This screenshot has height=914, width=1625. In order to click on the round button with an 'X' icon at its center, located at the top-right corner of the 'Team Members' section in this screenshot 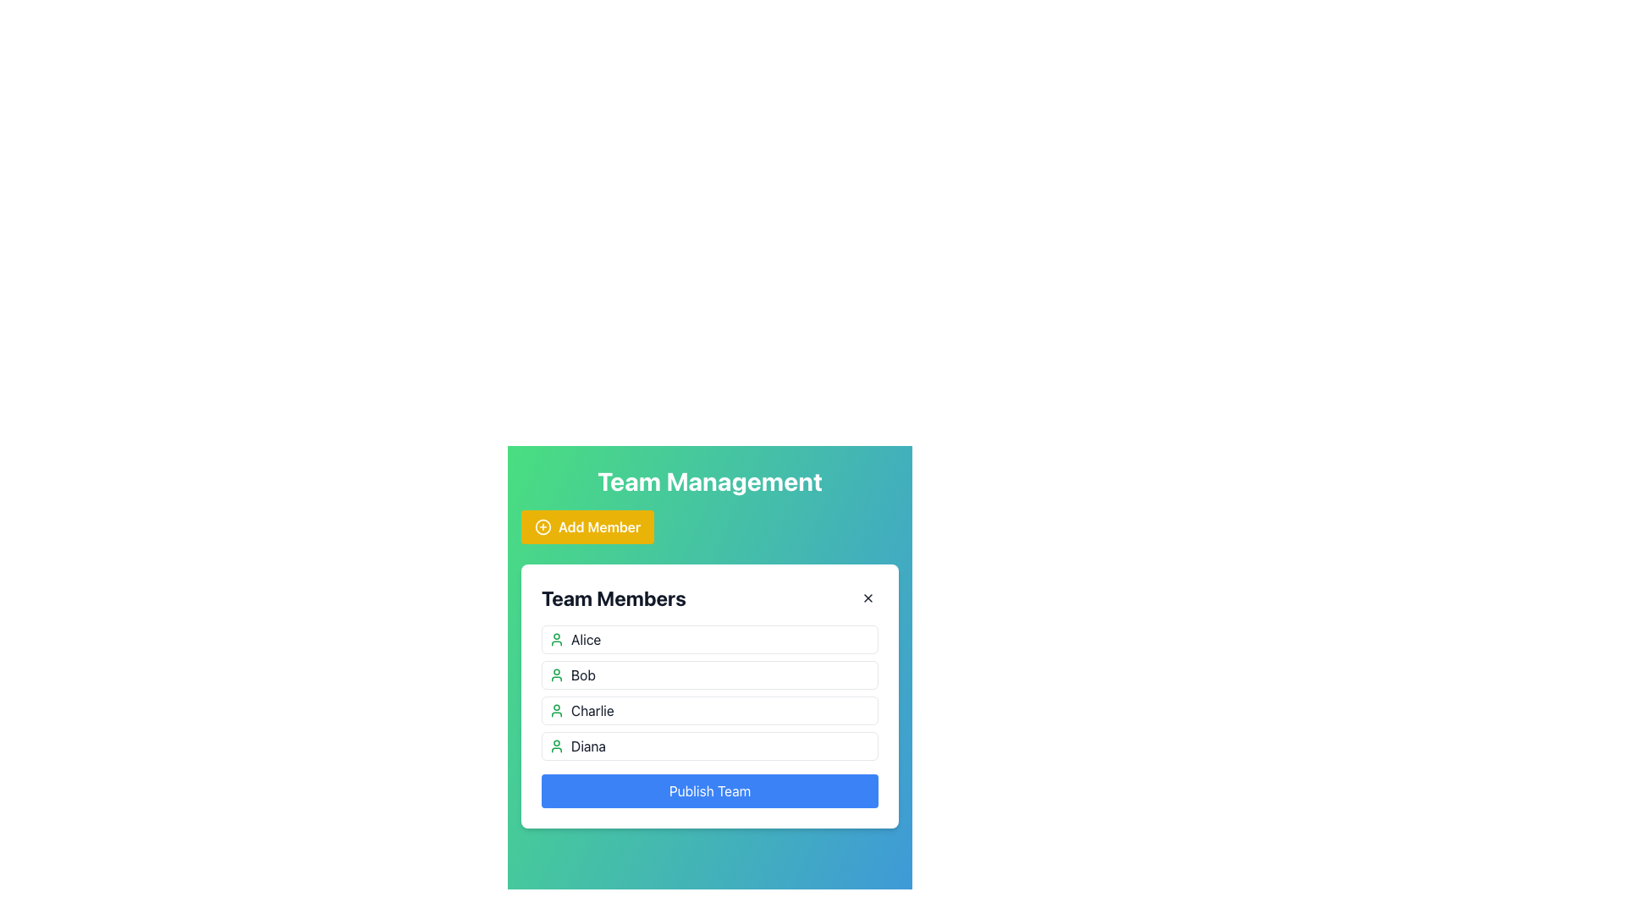, I will do `click(868, 597)`.